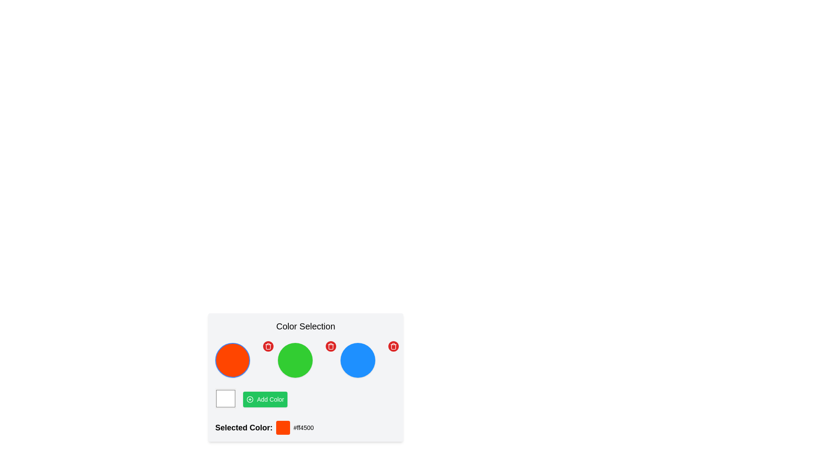  What do you see at coordinates (295, 360) in the screenshot?
I see `the circular interactive element located between an orange circular element and a blue one` at bounding box center [295, 360].